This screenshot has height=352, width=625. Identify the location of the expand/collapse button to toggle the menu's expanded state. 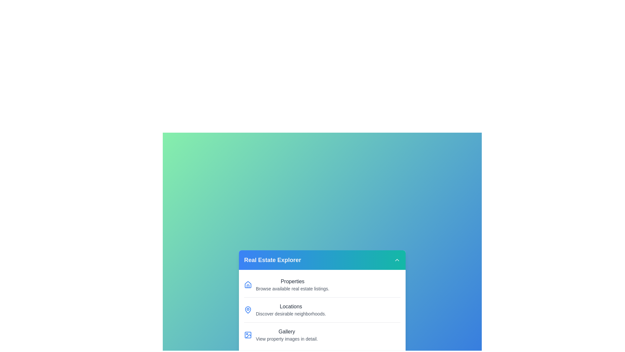
(396, 260).